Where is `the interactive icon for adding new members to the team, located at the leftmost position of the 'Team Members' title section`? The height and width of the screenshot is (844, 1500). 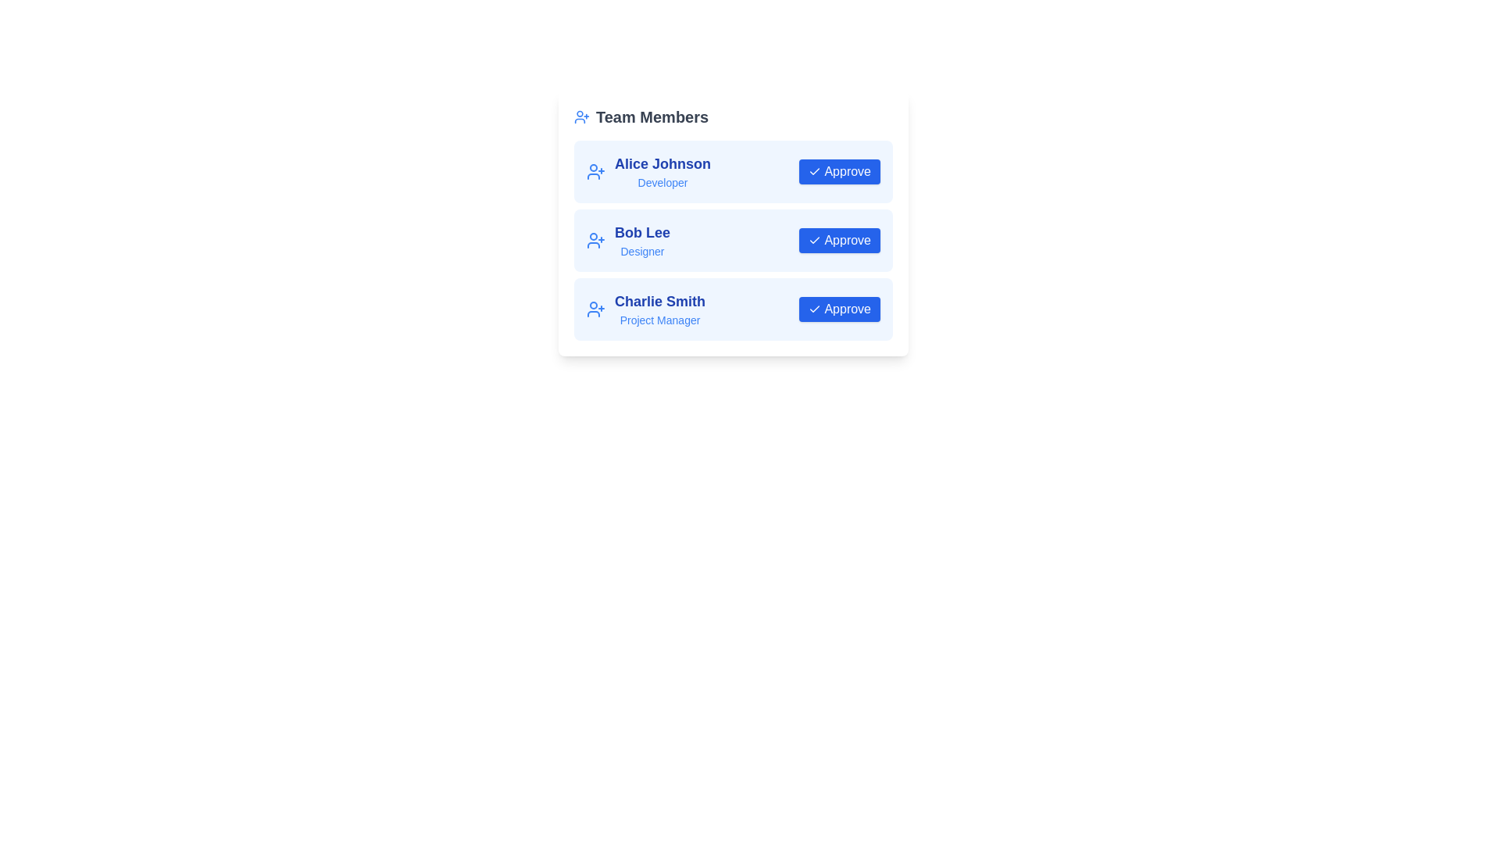
the interactive icon for adding new members to the team, located at the leftmost position of the 'Team Members' title section is located at coordinates (580, 116).